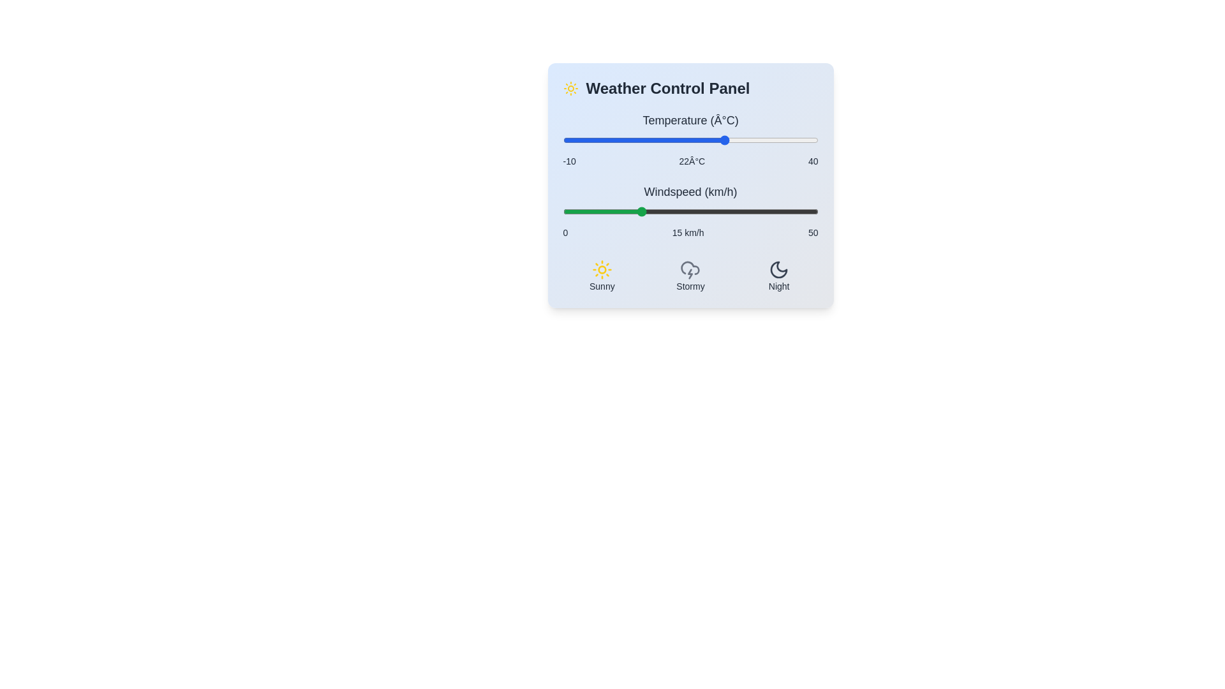 Image resolution: width=1225 pixels, height=689 pixels. I want to click on the wind speed, so click(650, 211).